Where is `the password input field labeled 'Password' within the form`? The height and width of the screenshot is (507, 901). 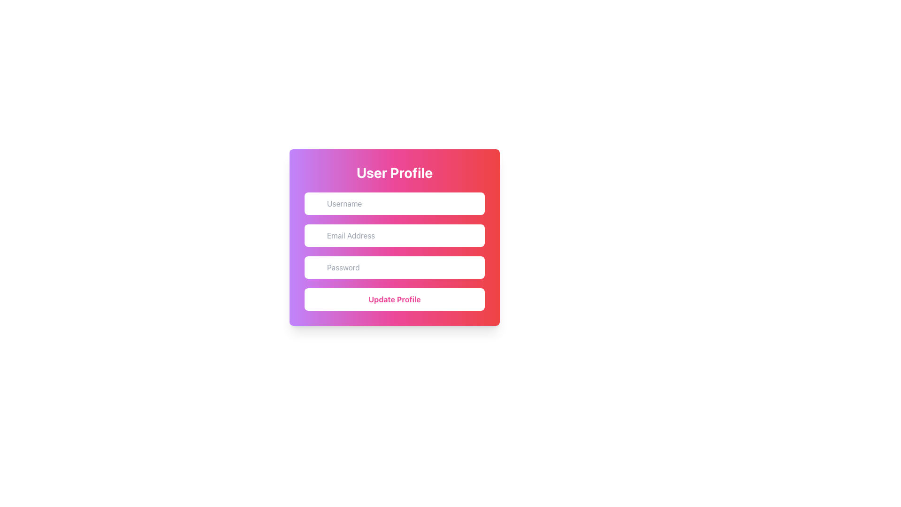
the password input field labeled 'Password' within the form is located at coordinates (394, 268).